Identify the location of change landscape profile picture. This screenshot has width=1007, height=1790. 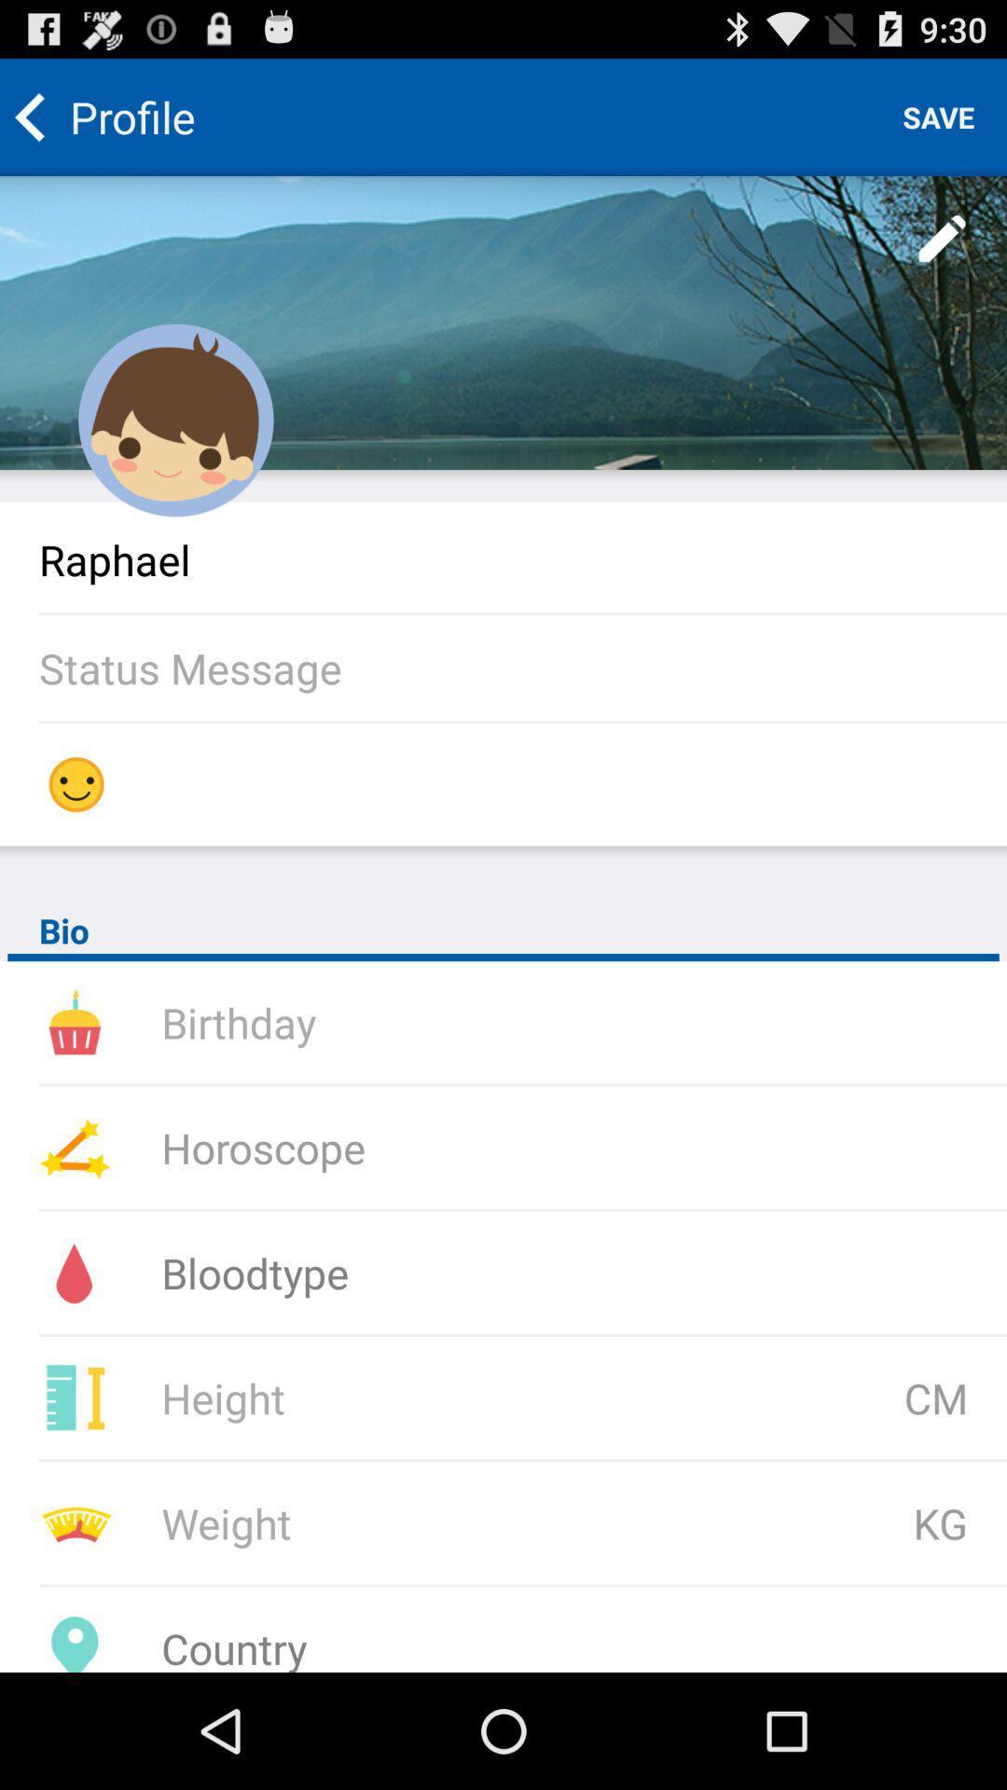
(504, 323).